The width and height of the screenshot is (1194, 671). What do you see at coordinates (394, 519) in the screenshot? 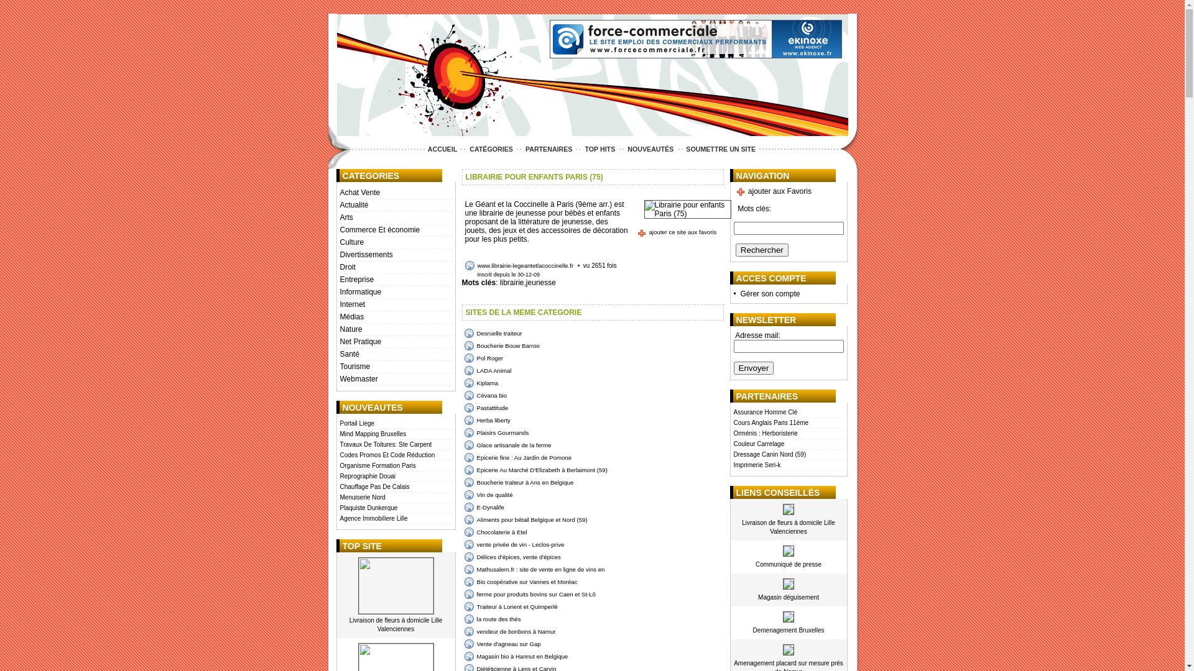
I see `'Agence Immobiliere Lille'` at bounding box center [394, 519].